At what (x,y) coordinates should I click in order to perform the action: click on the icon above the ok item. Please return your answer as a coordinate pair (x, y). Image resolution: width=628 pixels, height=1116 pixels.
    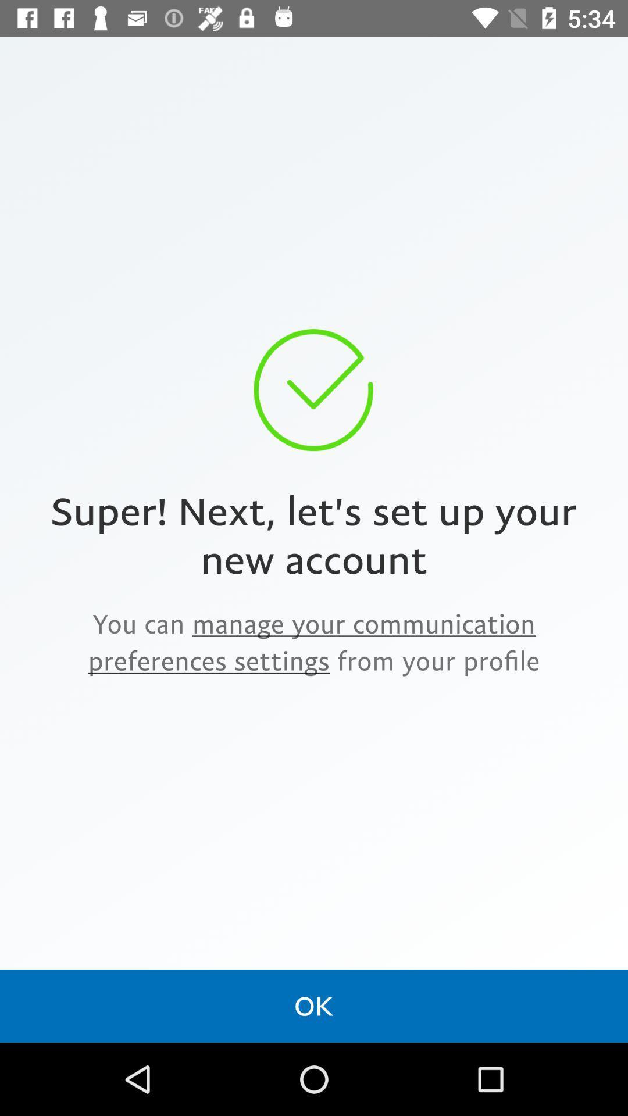
    Looking at the image, I should click on (314, 641).